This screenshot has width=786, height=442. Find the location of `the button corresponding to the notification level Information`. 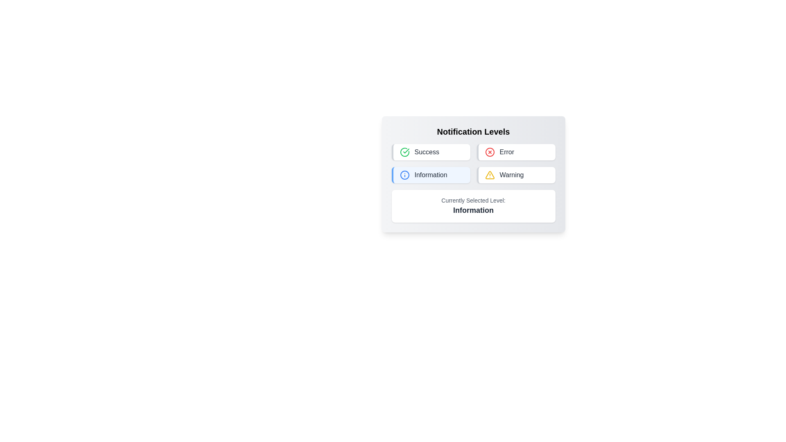

the button corresponding to the notification level Information is located at coordinates (430, 175).